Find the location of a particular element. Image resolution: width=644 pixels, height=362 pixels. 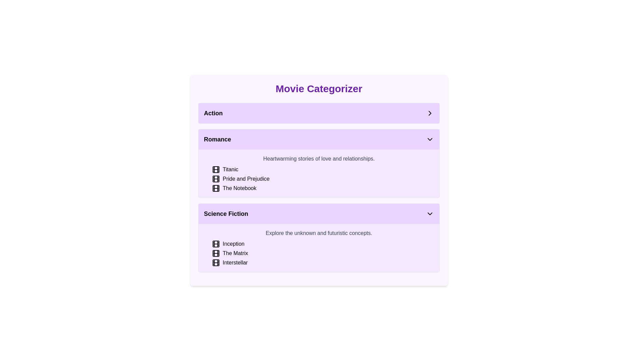

the list item representing the movie 'The Matrix' in the 'Science Fiction' category is located at coordinates (323, 253).